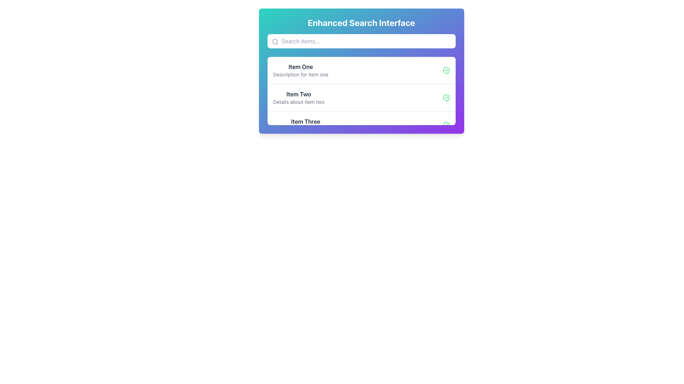 This screenshot has width=684, height=384. What do you see at coordinates (446, 97) in the screenshot?
I see `the visual indicator icon that marks the item as selected, verified, or completed, located to the right of the textual description in the second item of a vertical list` at bounding box center [446, 97].